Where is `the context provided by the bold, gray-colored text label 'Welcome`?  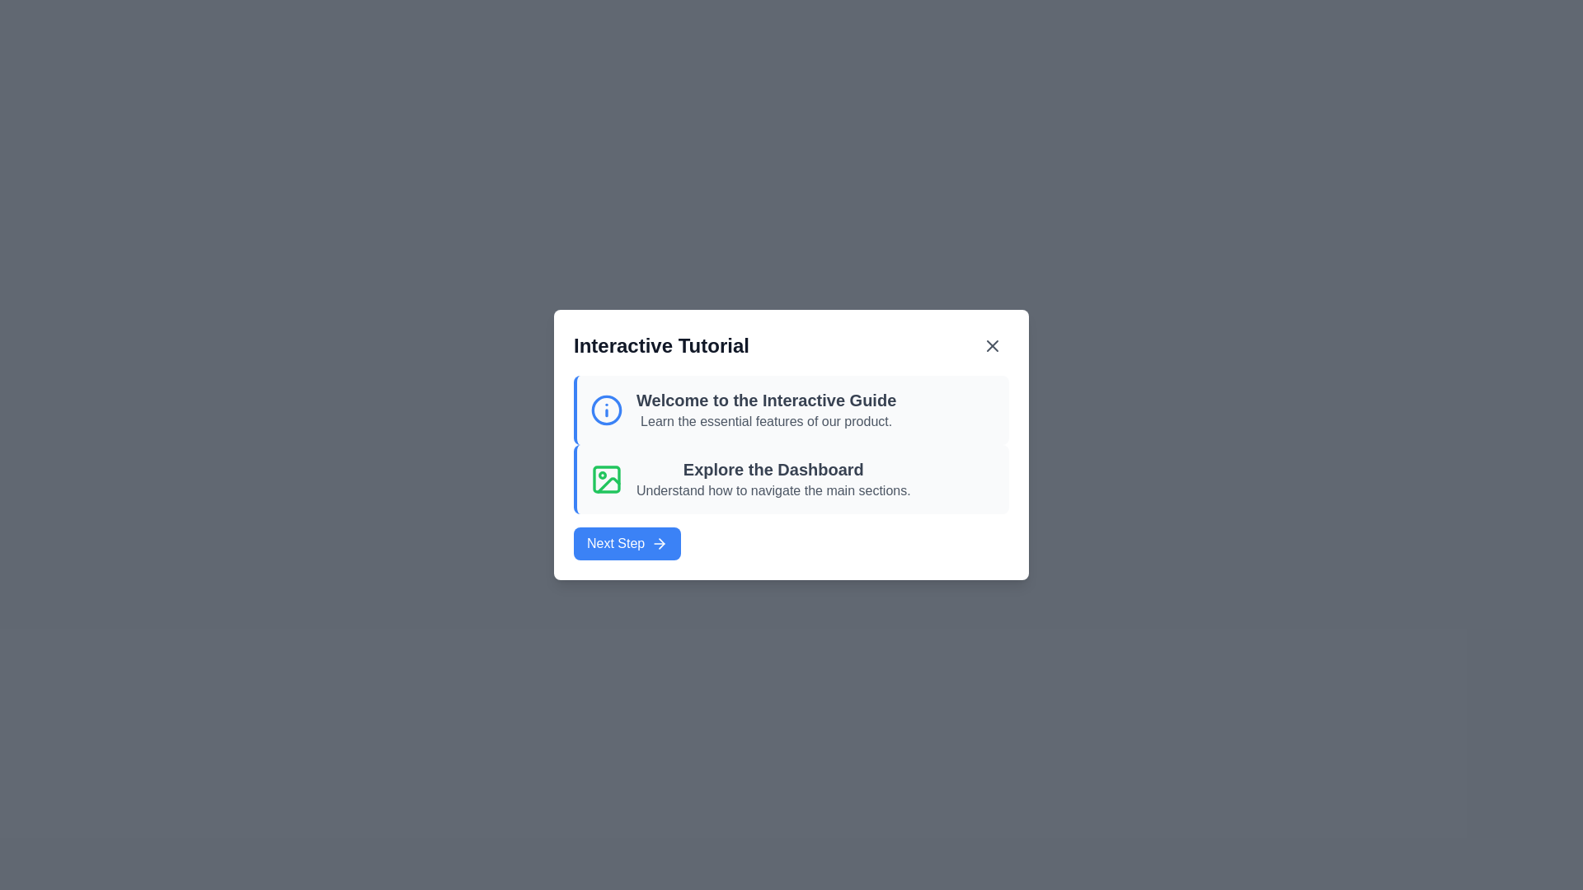 the context provided by the bold, gray-colored text label 'Welcome is located at coordinates (765, 400).